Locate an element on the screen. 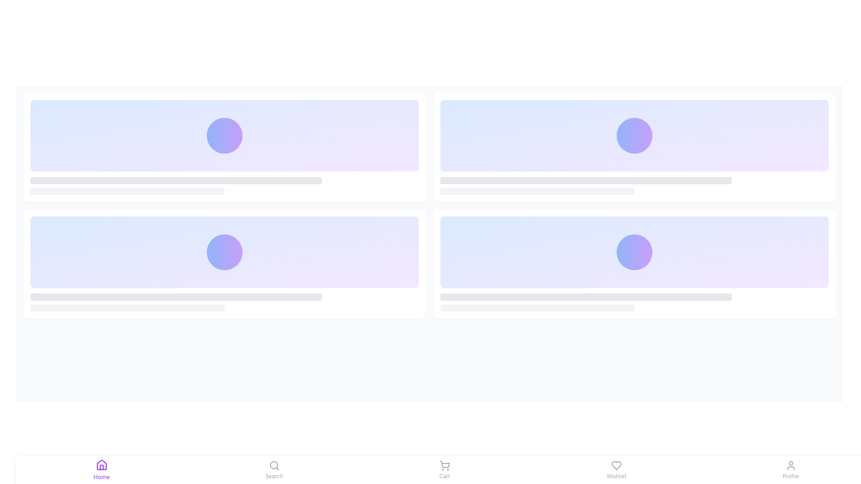 The width and height of the screenshot is (861, 484). the 'Profile' button located in the bottom navigation bar, which features a user profile icon above the label 'Profile' is located at coordinates (791, 469).